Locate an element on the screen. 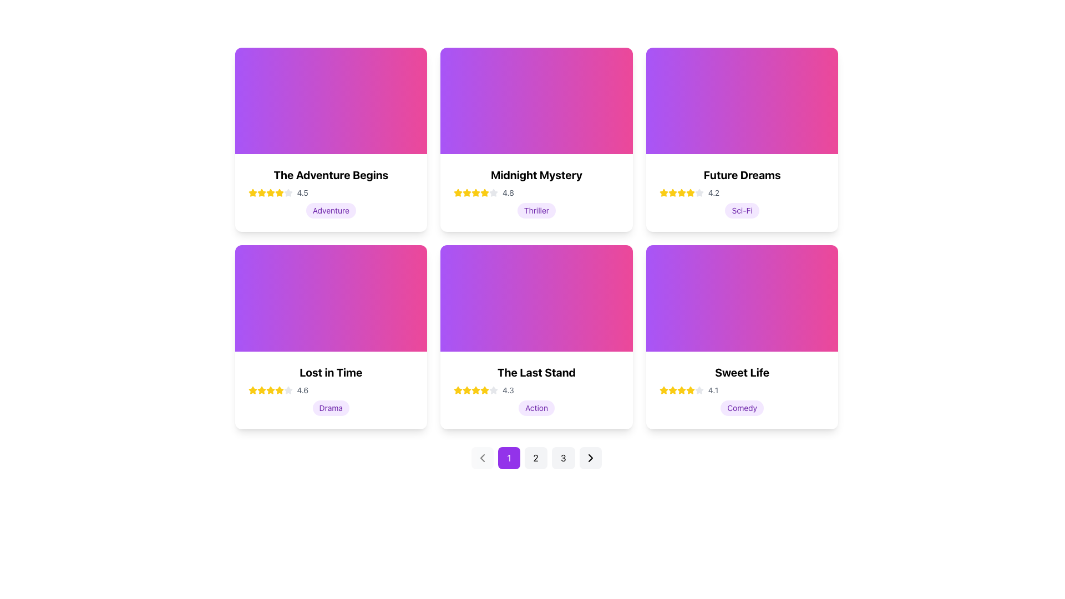 The height and width of the screenshot is (599, 1065). the fourth five-pointed star icon with a yellow fill in the rating system of the card titled 'The Last Stand' is located at coordinates (458, 389).